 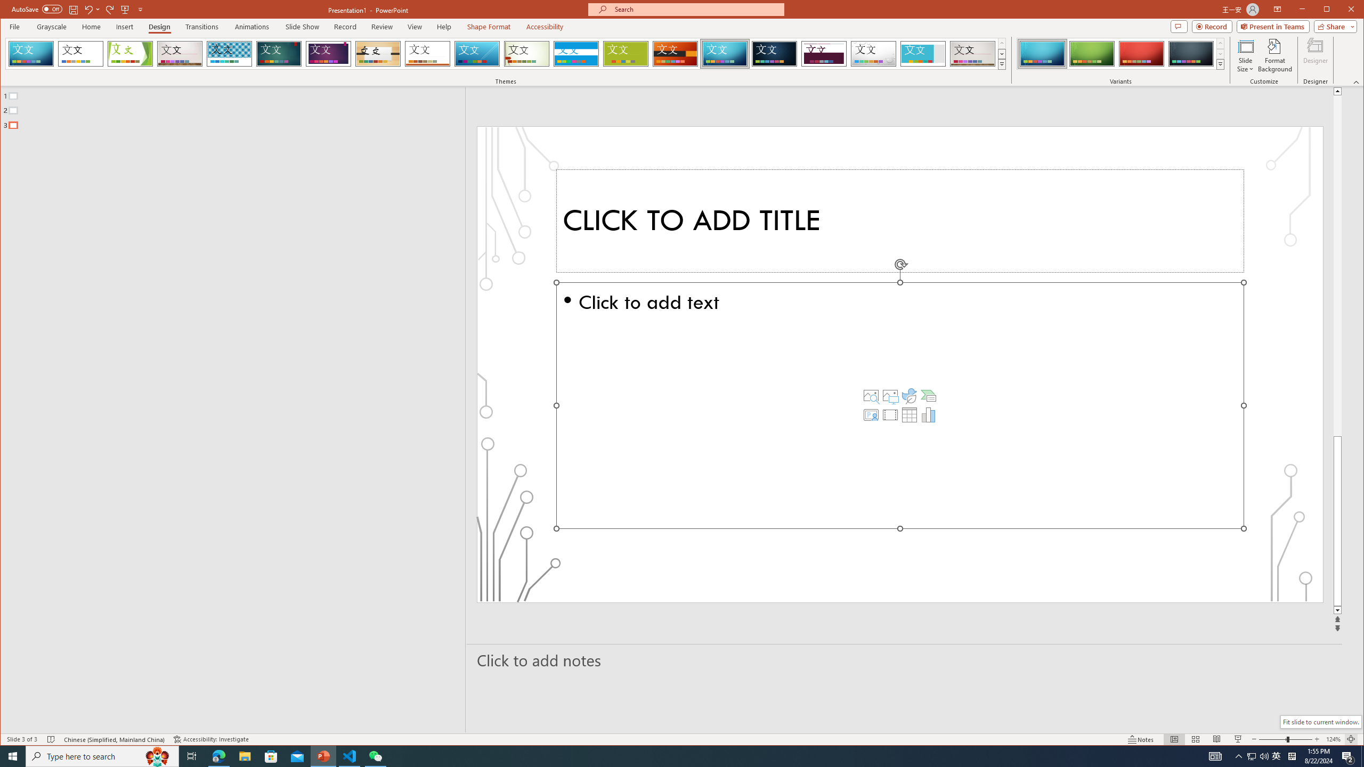 What do you see at coordinates (575, 53) in the screenshot?
I see `'Banded'` at bounding box center [575, 53].